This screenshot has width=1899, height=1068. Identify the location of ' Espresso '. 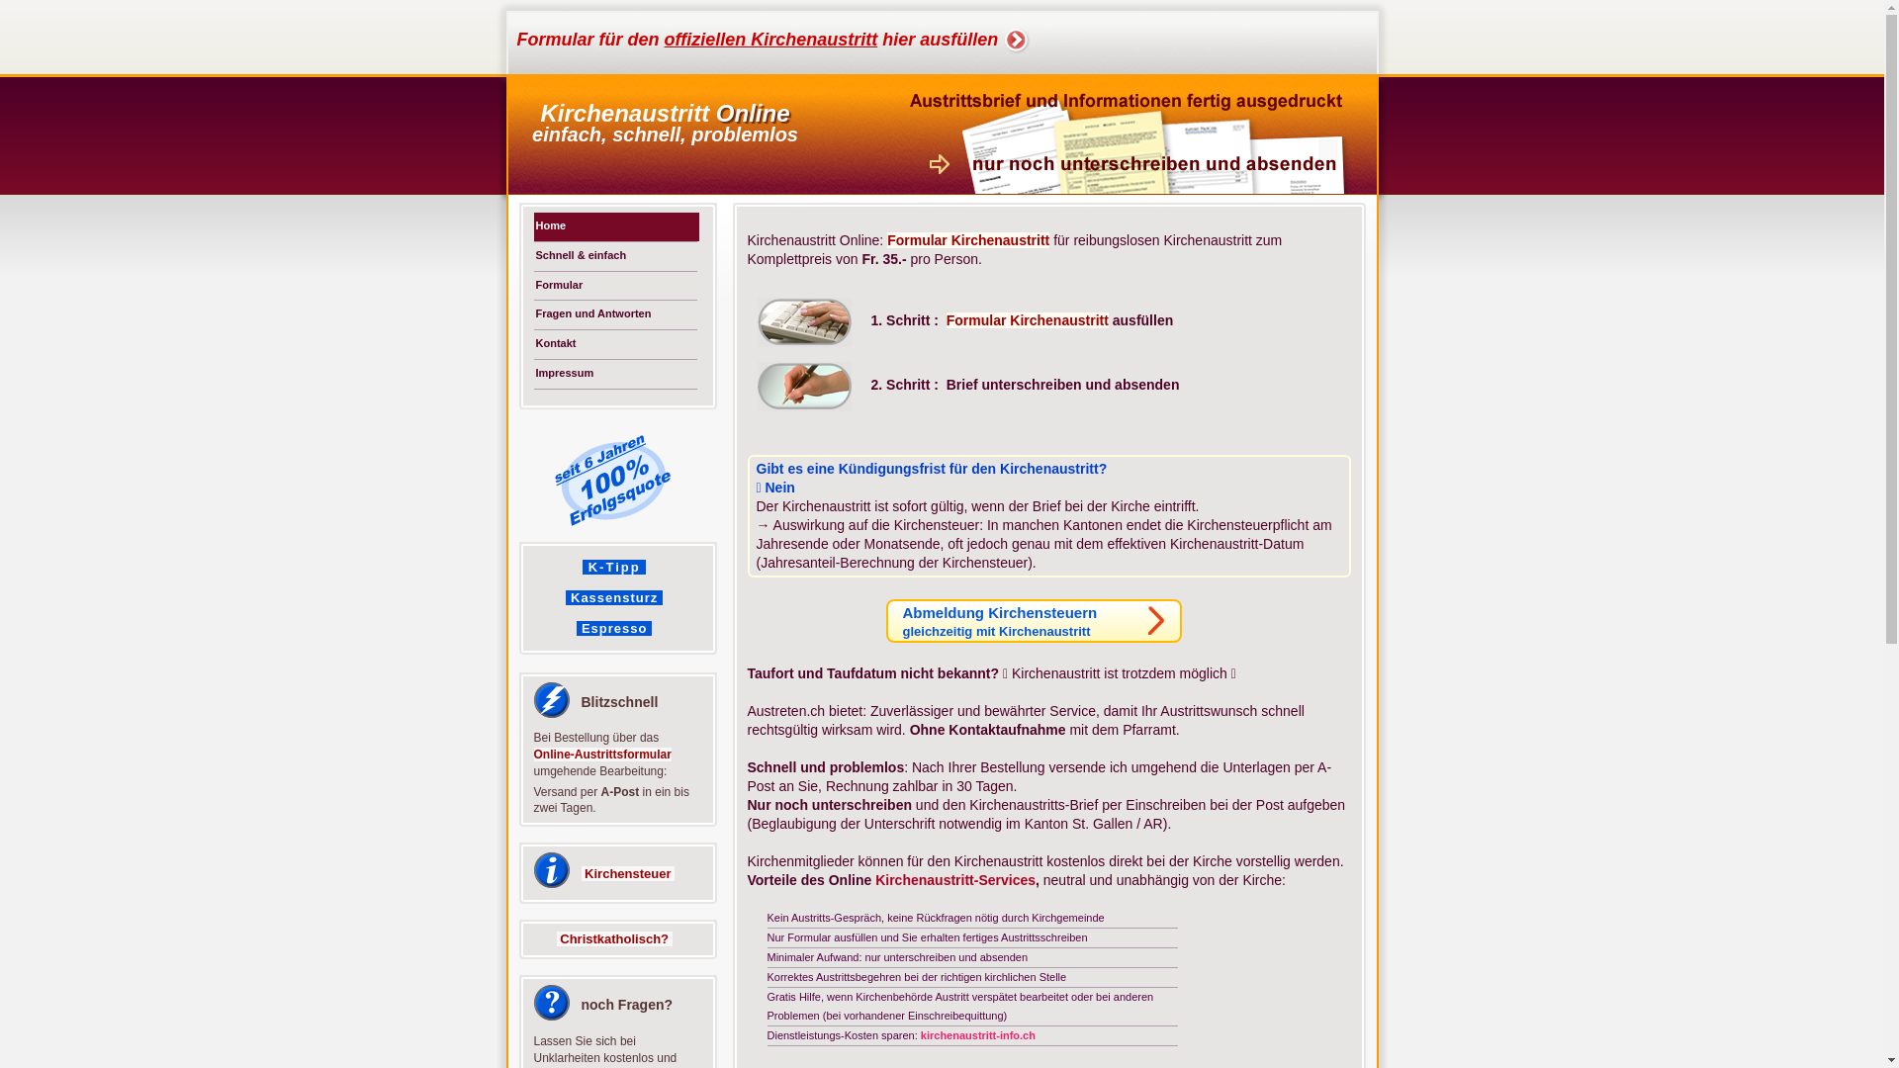
(612, 628).